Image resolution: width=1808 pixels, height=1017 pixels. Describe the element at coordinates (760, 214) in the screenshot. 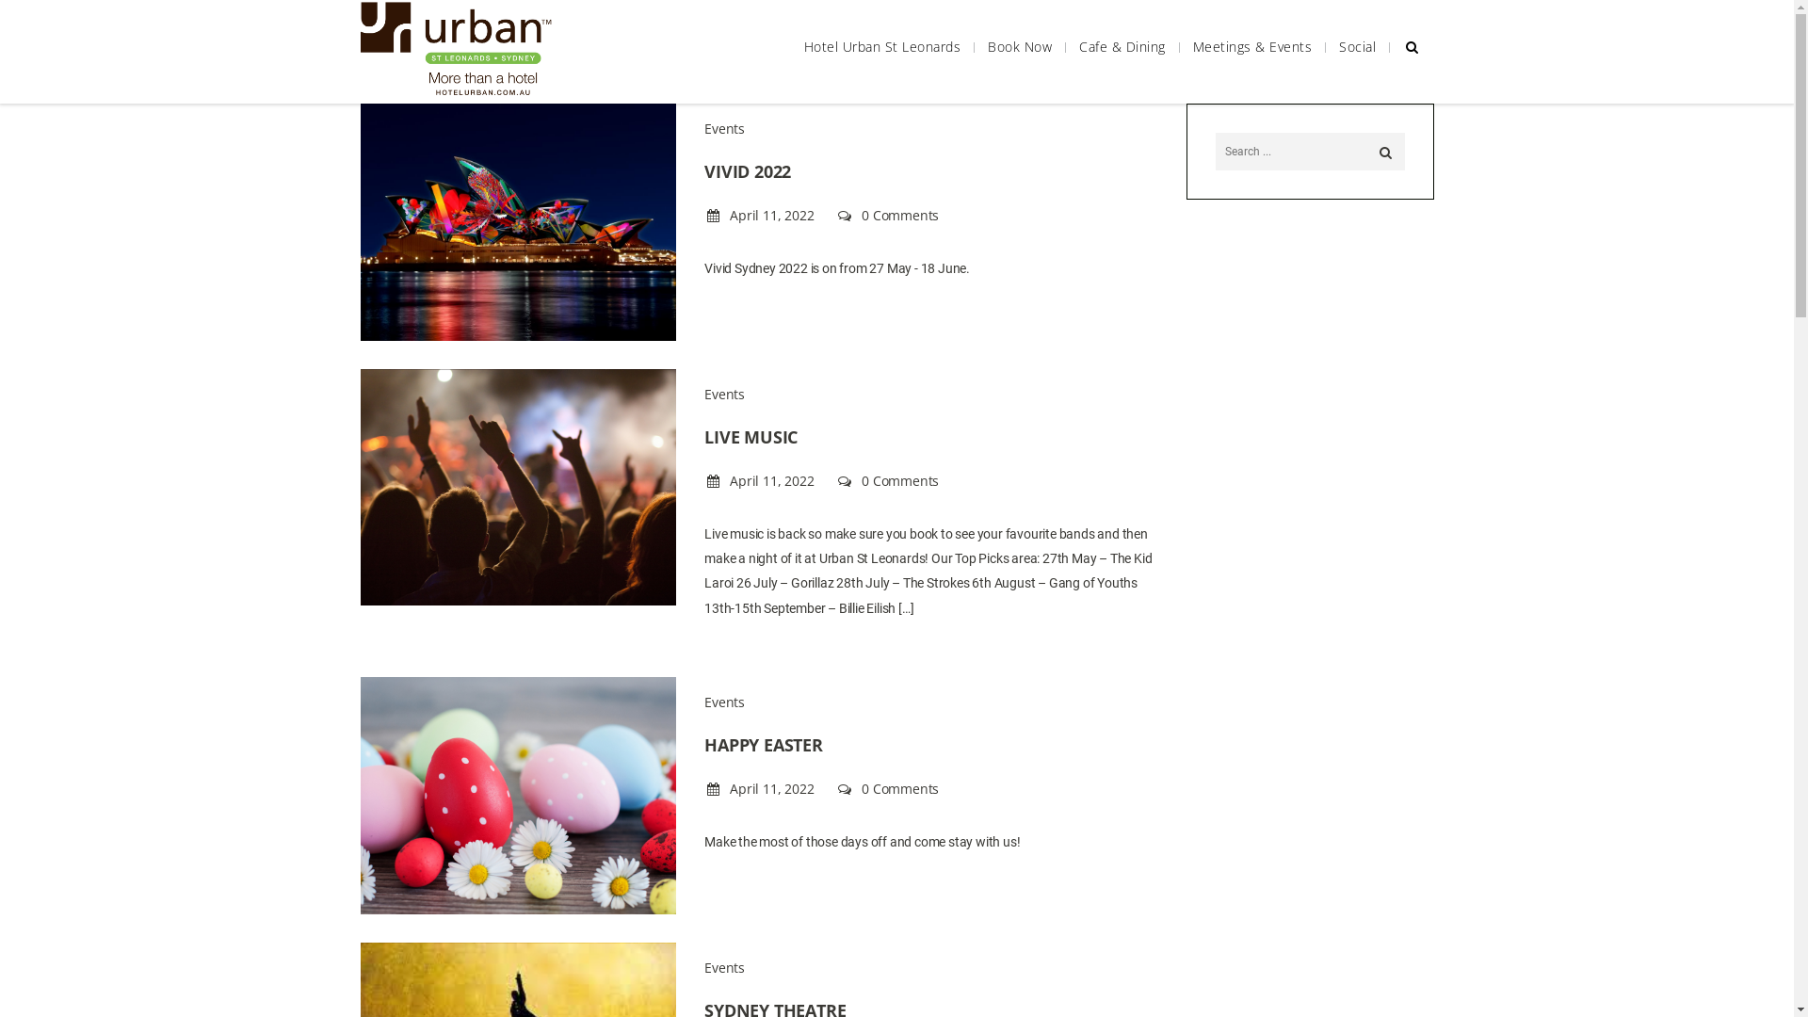

I see `'April 11, 2022'` at that location.